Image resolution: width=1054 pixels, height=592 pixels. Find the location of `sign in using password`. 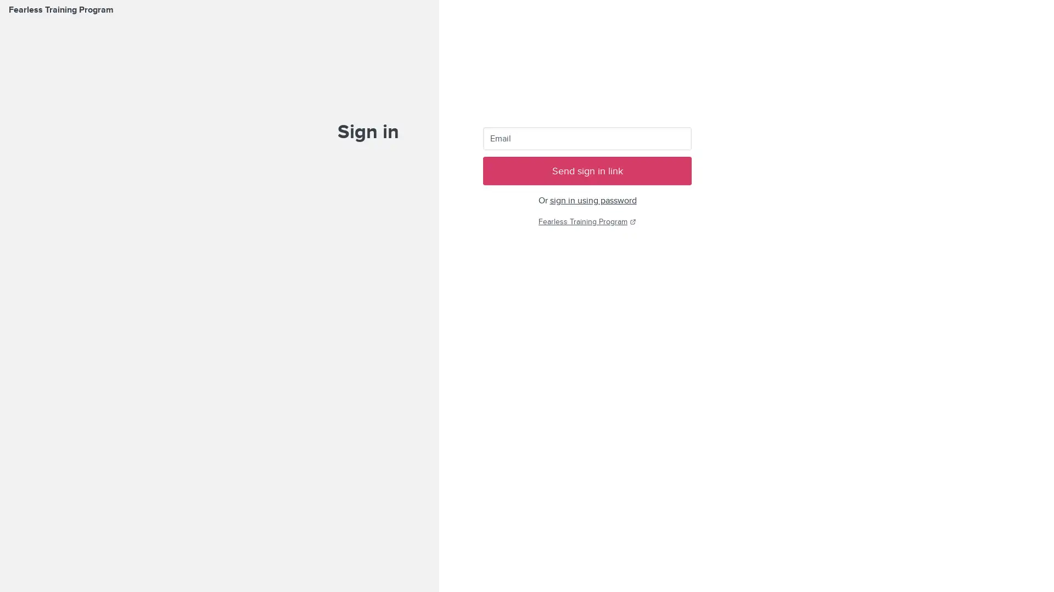

sign in using password is located at coordinates (592, 201).